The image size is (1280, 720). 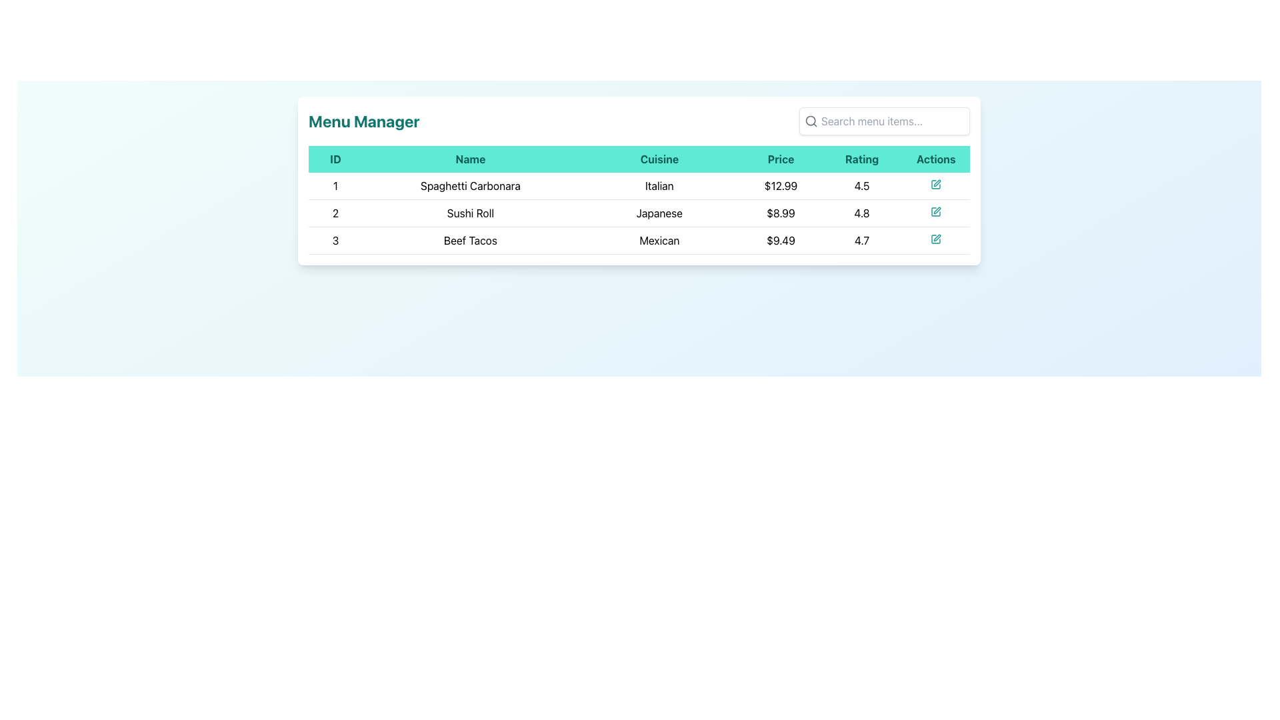 I want to click on the teal-colored edit button with a pen symbol located under the 'Actions' column for the 'Sushi Roll' item, so click(x=935, y=211).